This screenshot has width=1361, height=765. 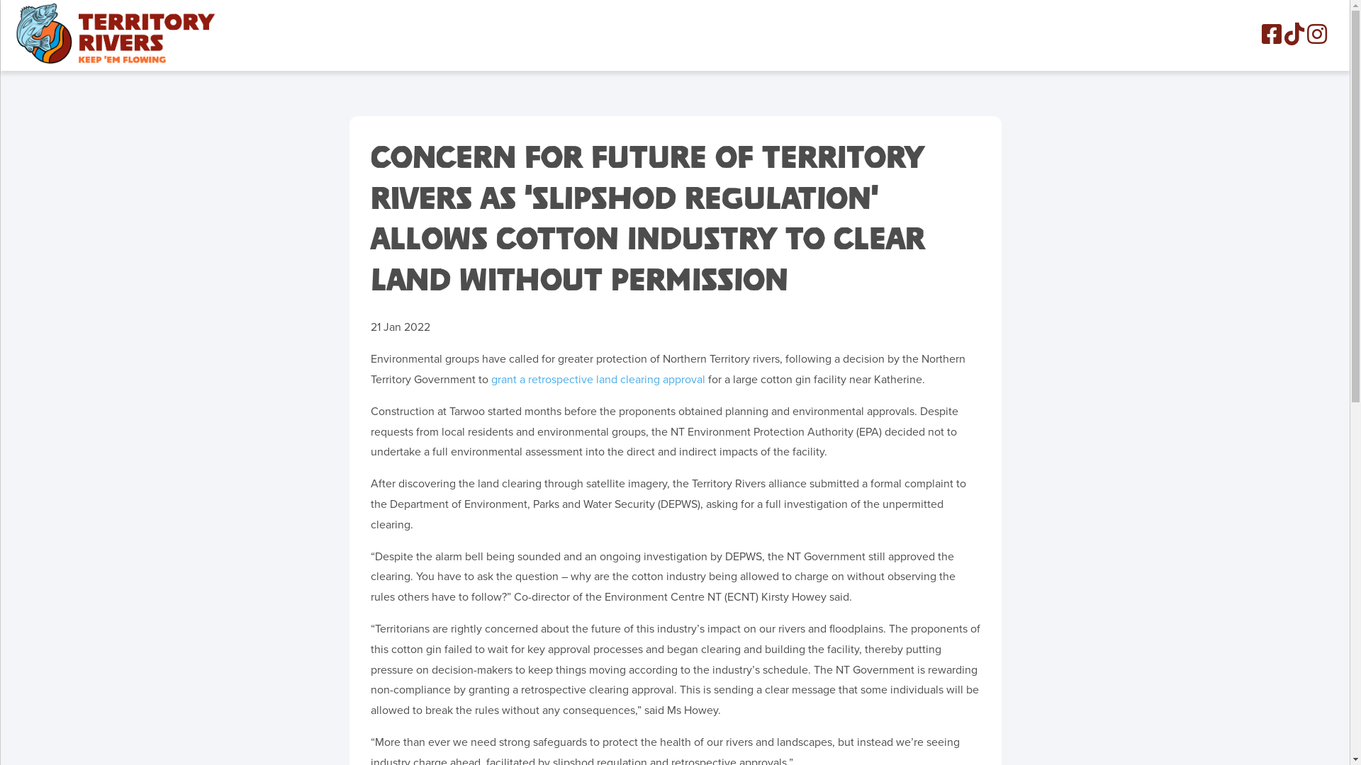 I want to click on 'Find us on facebook', so click(x=1272, y=38).